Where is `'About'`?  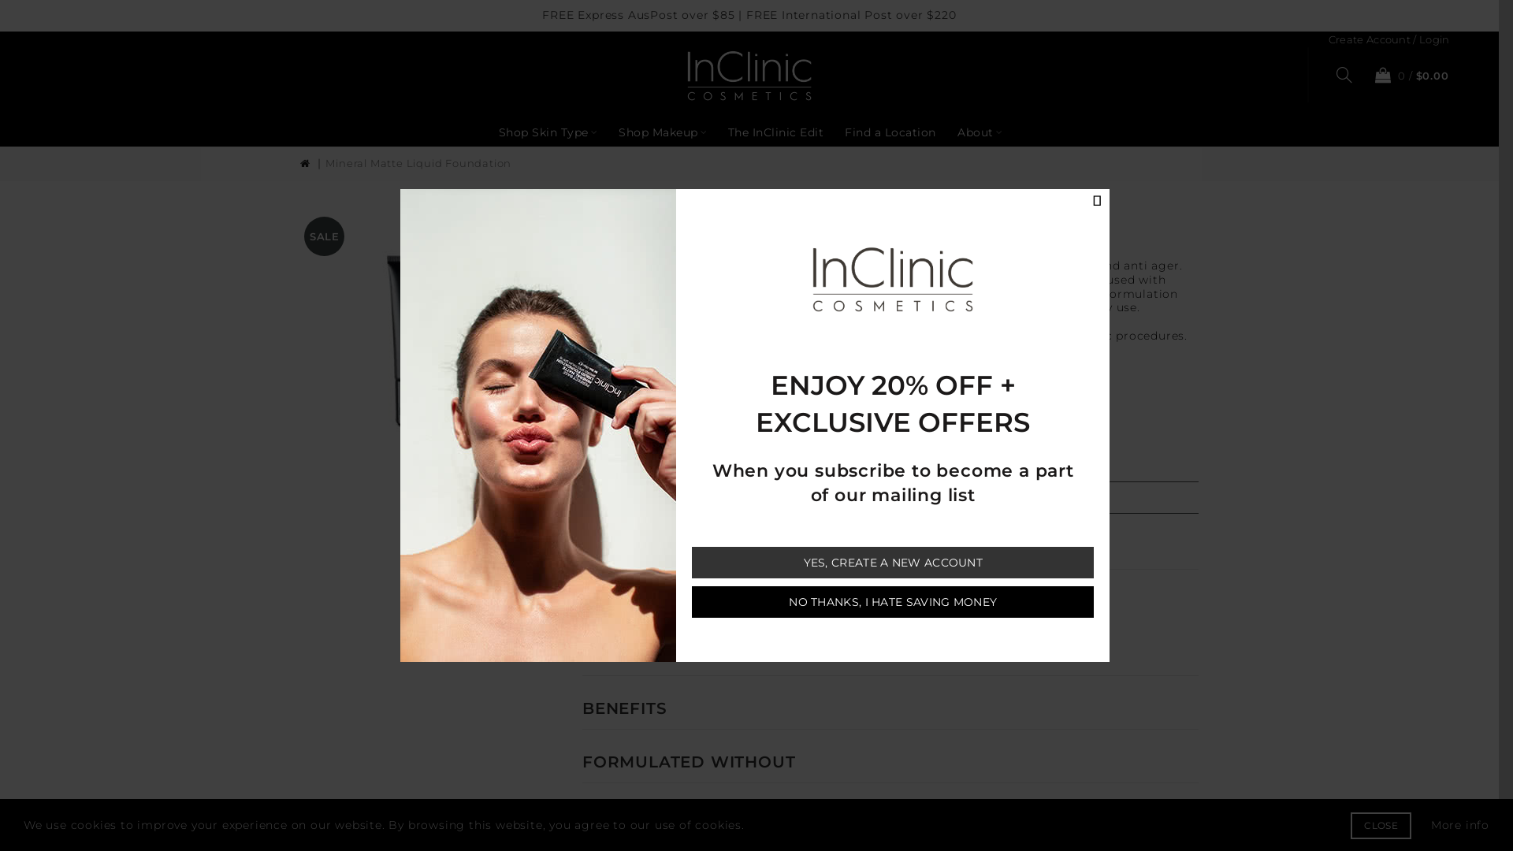
'About' is located at coordinates (979, 132).